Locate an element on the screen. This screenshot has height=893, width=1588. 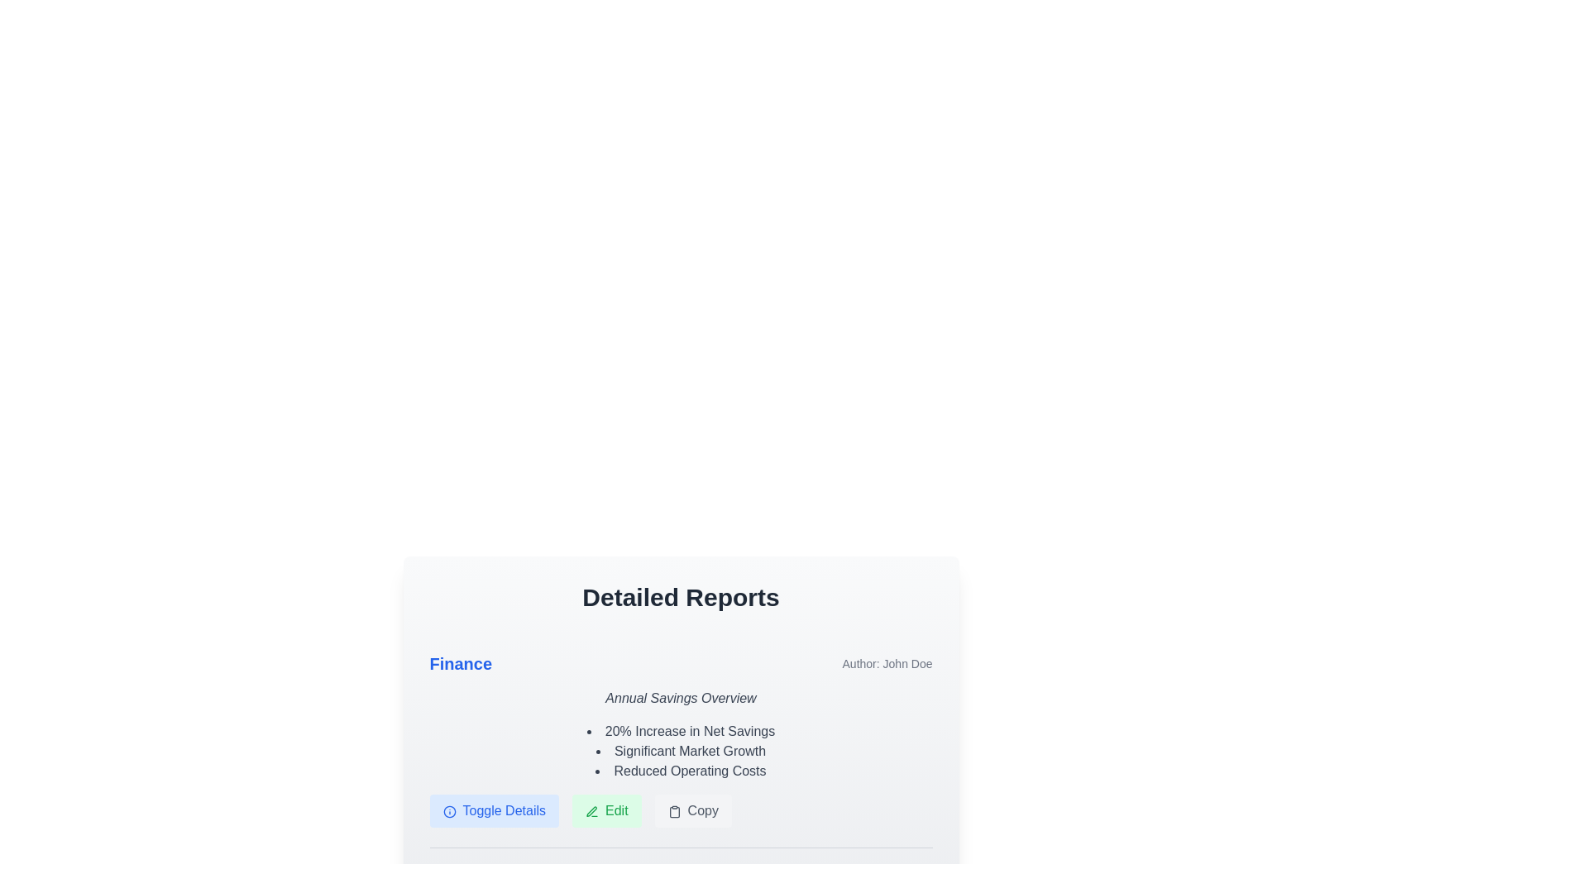
the informational list displaying key financial highlights located beneath the 'Annual Savings Overview' subheading is located at coordinates (681, 752).